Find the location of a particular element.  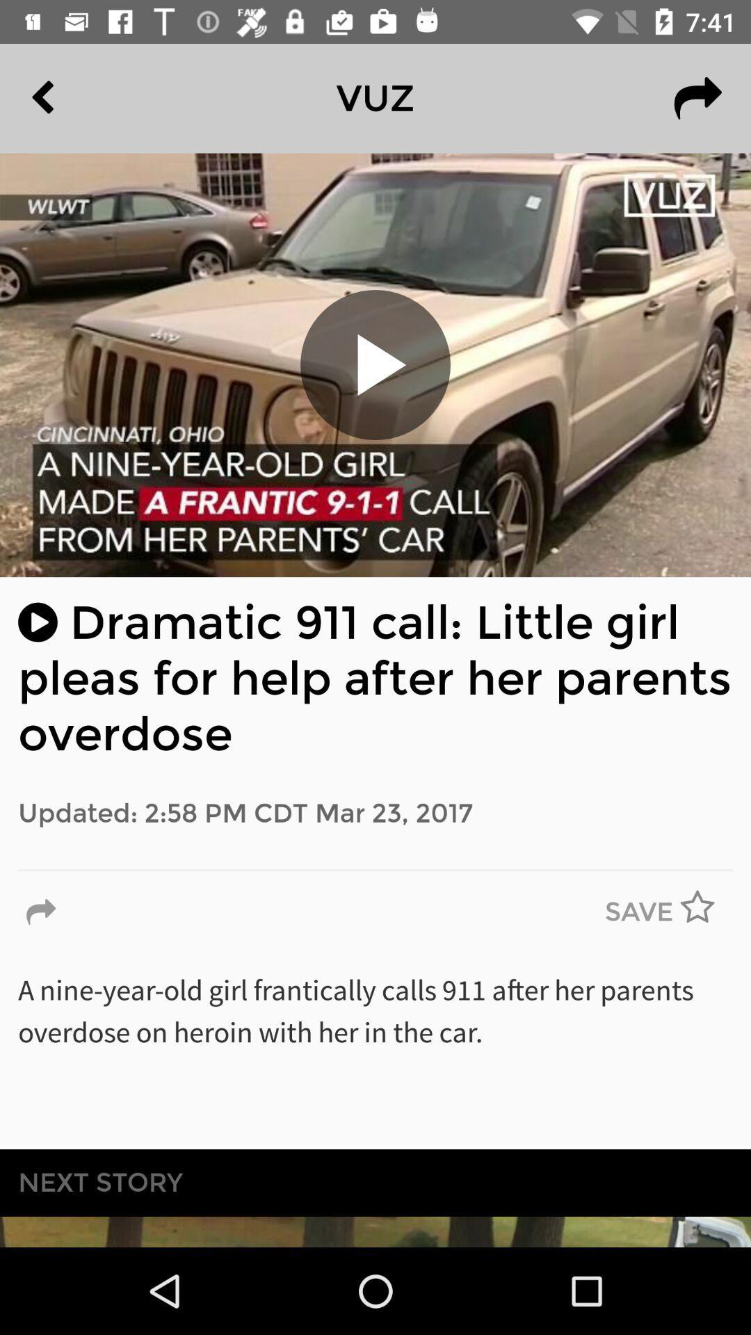

the a nine year is located at coordinates (375, 1051).